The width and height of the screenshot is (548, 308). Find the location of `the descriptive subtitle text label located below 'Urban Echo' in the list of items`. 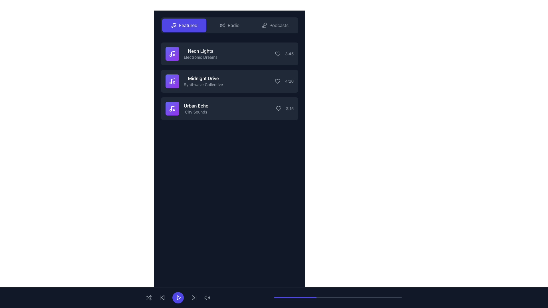

the descriptive subtitle text label located below 'Urban Echo' in the list of items is located at coordinates (196, 112).